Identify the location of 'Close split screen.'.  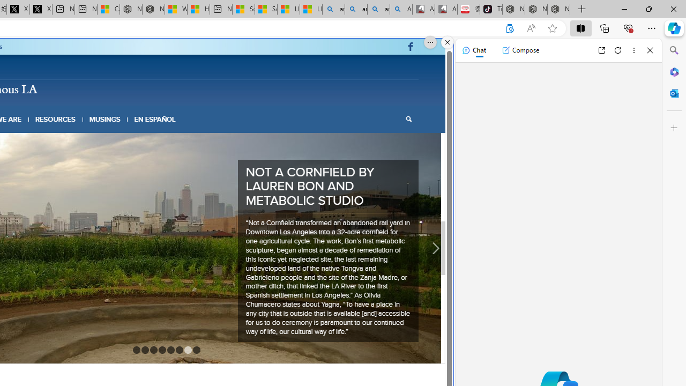
(448, 42).